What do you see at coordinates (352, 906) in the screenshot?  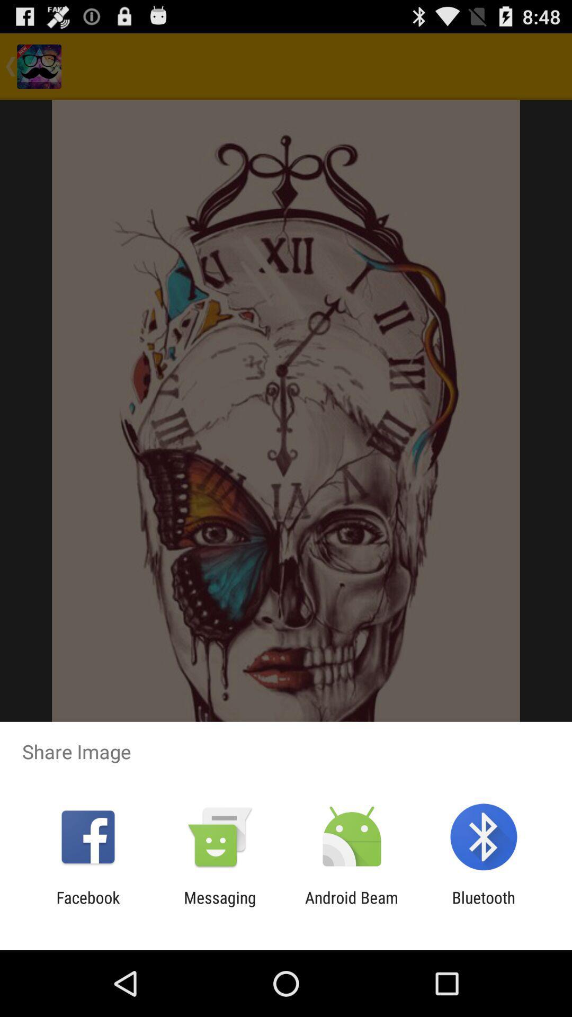 I see `the app next to the bluetooth app` at bounding box center [352, 906].